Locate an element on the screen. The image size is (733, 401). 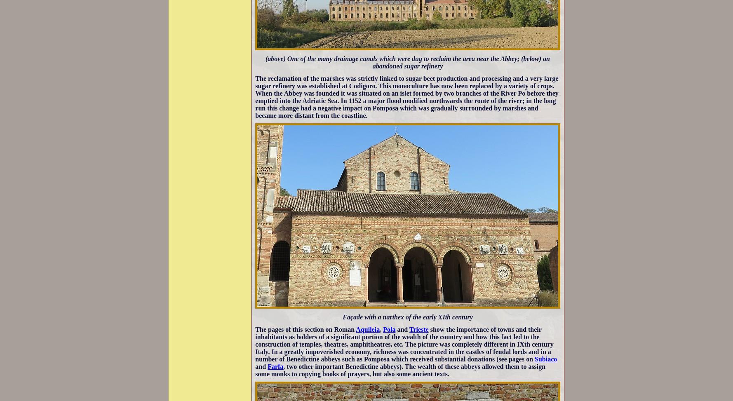
'Farfa' is located at coordinates (275, 366).